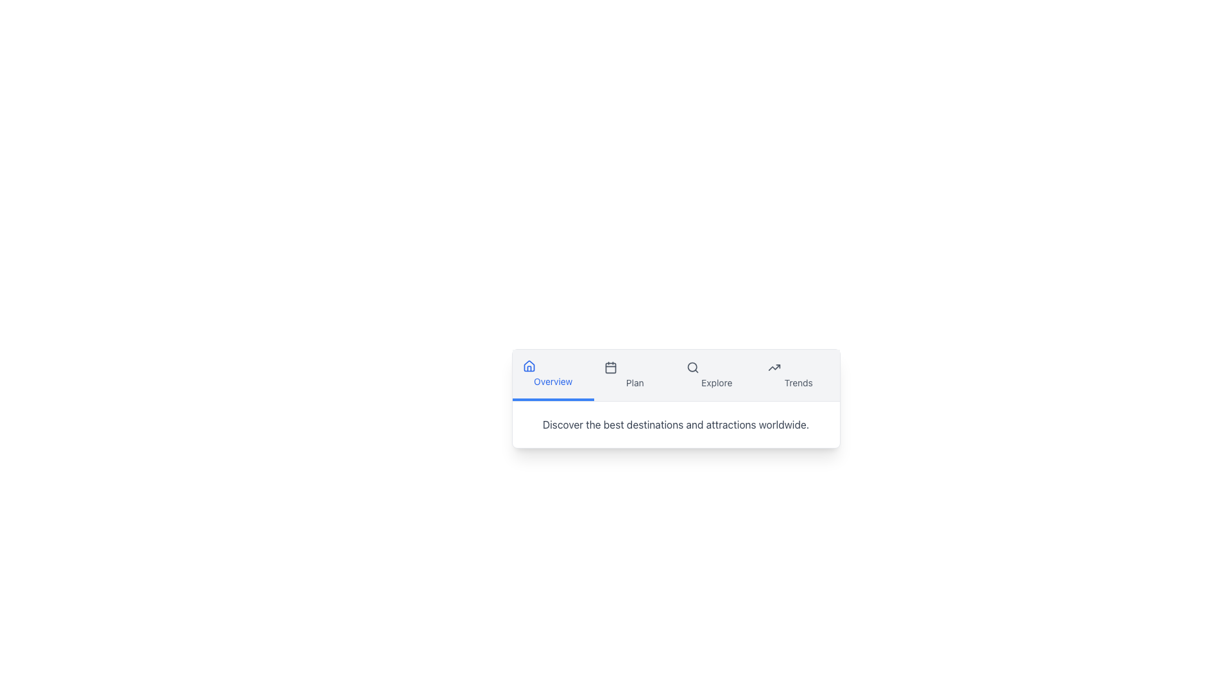 The height and width of the screenshot is (693, 1232). I want to click on the rising trend icon in the navigation bar, so click(773, 368).